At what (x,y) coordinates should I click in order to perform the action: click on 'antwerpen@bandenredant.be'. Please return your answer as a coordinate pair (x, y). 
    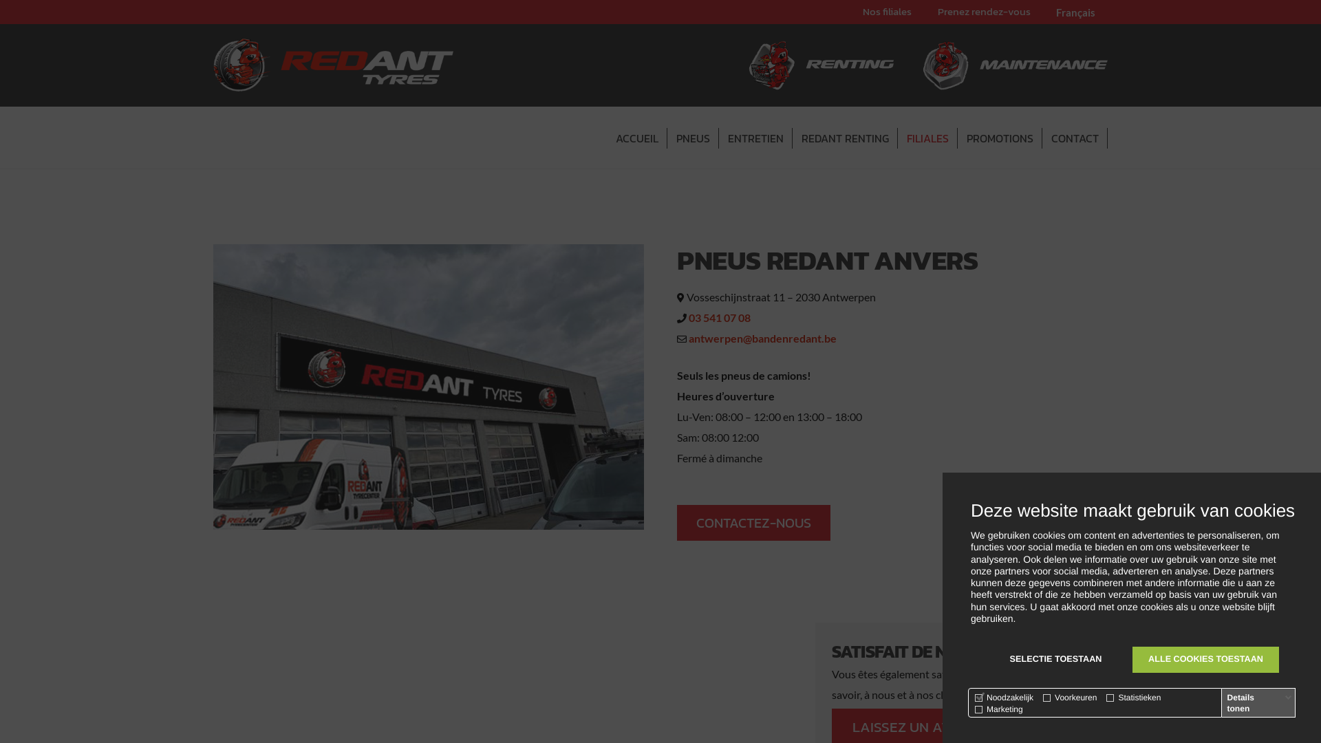
    Looking at the image, I should click on (762, 338).